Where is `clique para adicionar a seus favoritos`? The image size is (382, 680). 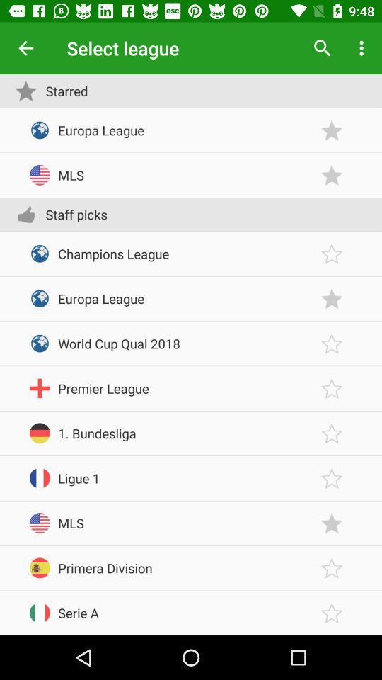
clique para adicionar a seus favoritos is located at coordinates (332, 343).